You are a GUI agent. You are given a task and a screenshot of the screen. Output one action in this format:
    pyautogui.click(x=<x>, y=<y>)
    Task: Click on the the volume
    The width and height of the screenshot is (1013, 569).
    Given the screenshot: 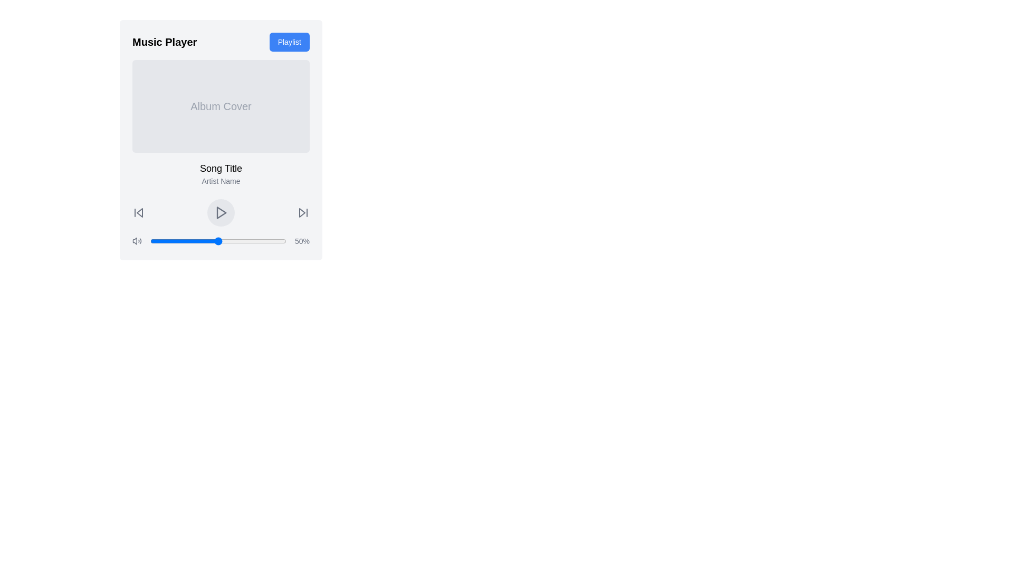 What is the action you would take?
    pyautogui.click(x=241, y=241)
    